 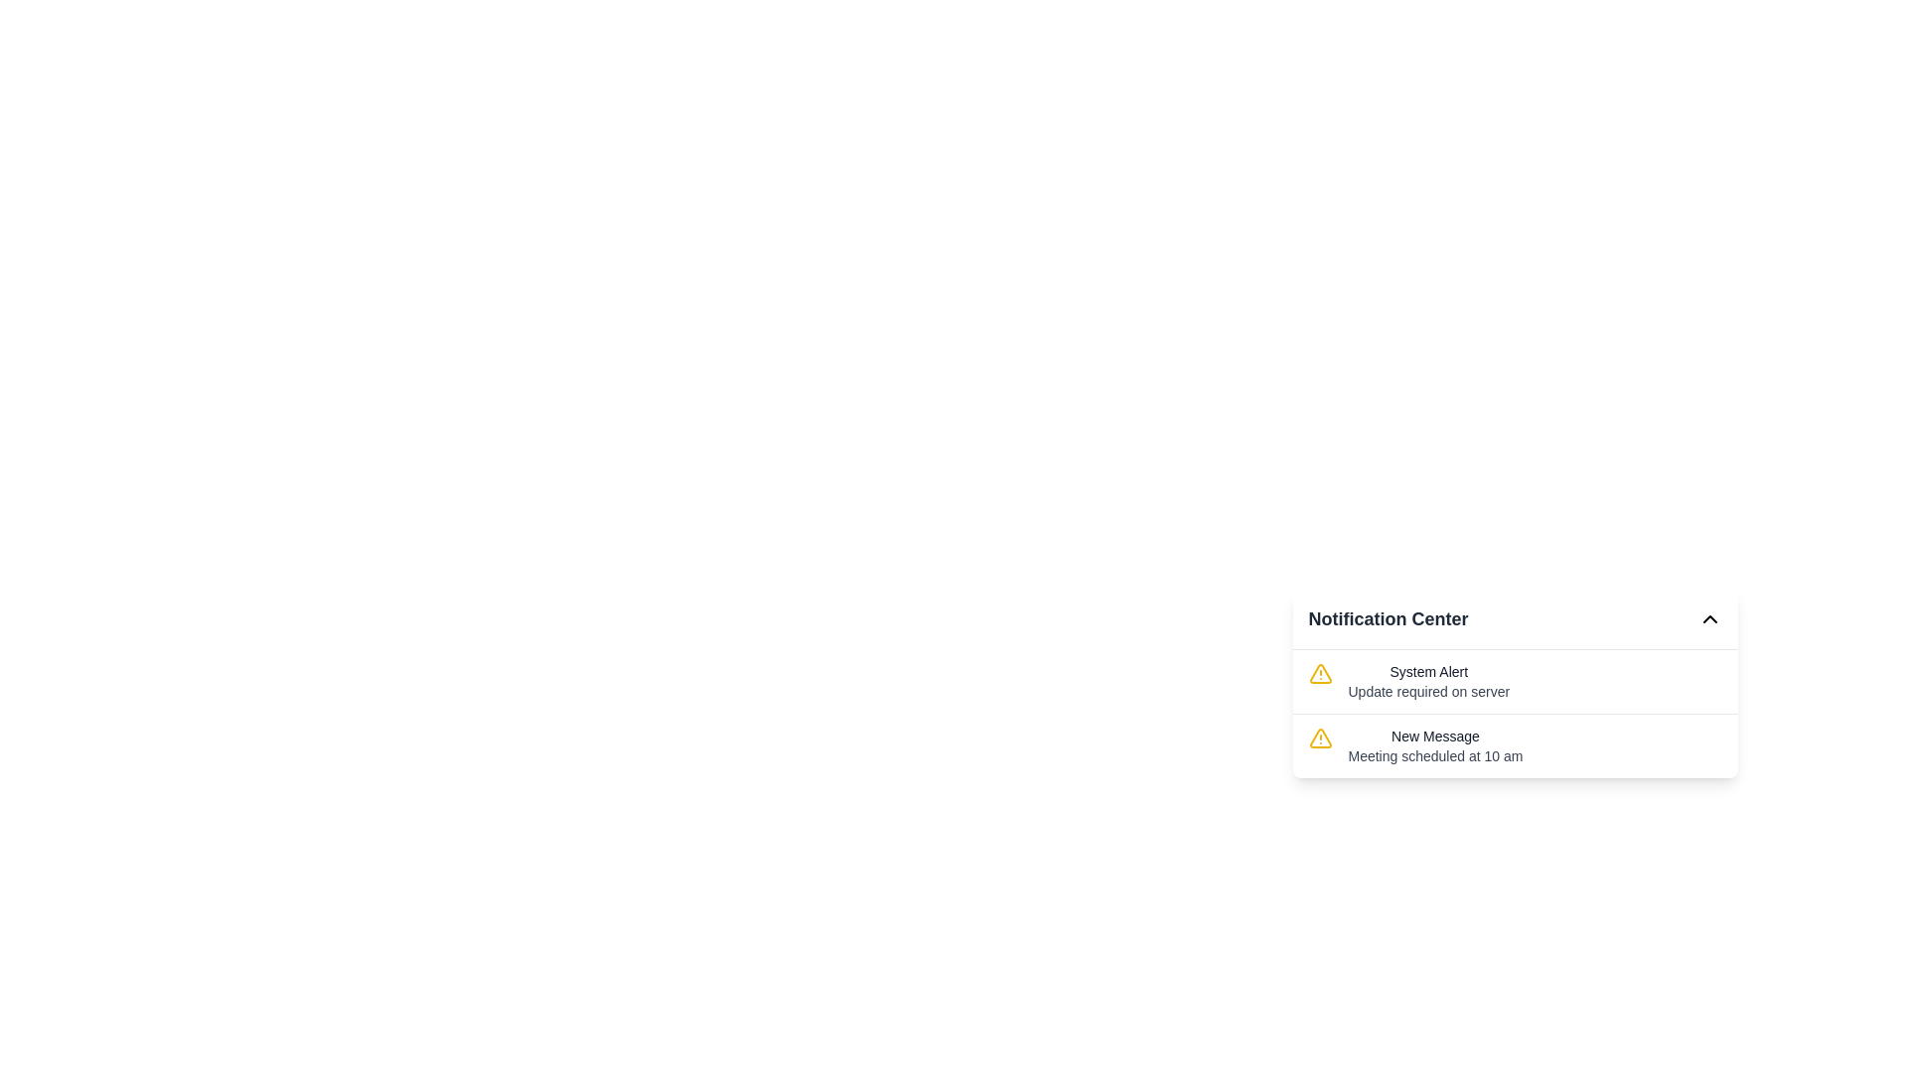 I want to click on text displayed in the 'New Message' text label, which is styled in a small-sized, bolded, dark gray font in the Notification Center interface, so click(x=1435, y=736).